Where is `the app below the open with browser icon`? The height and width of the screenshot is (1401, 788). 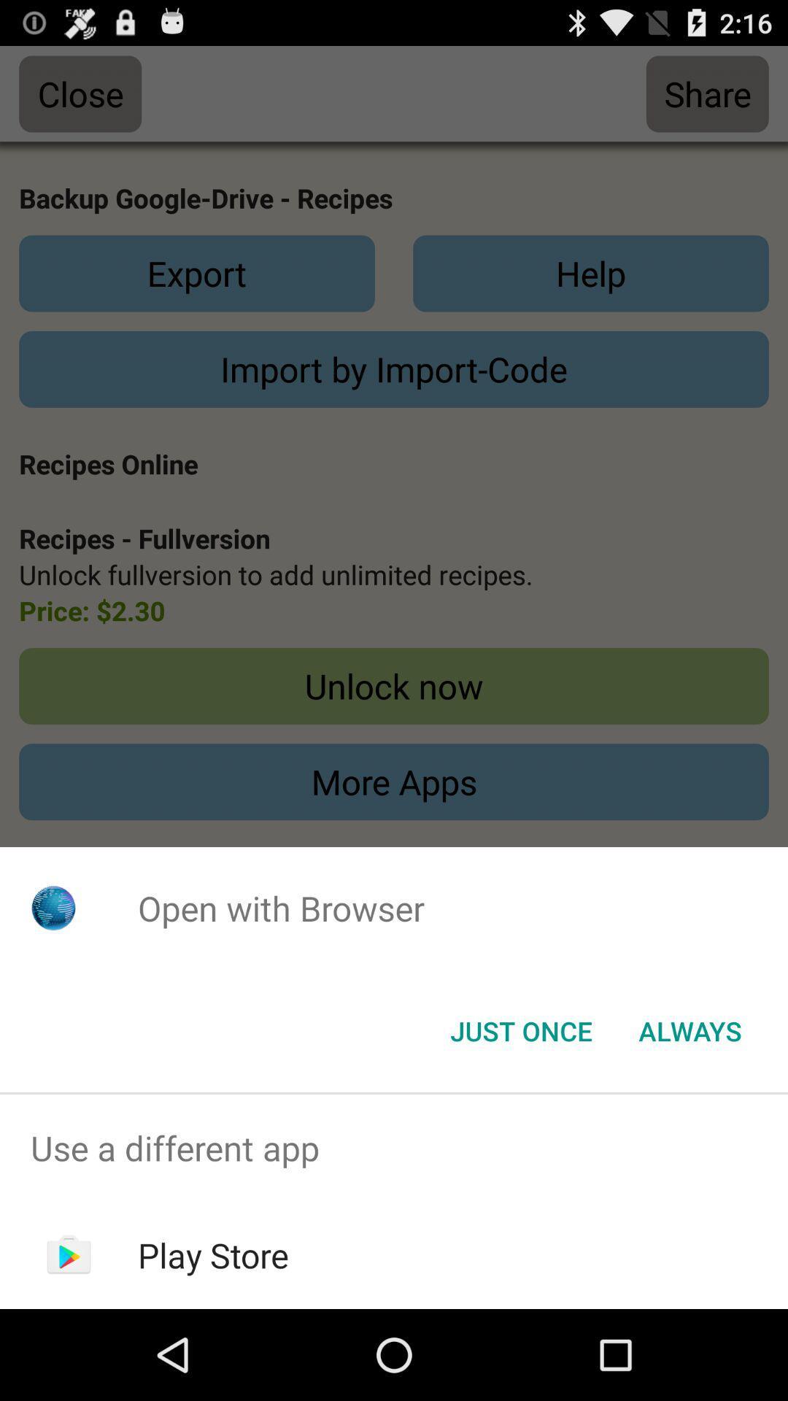 the app below the open with browser icon is located at coordinates (520, 1030).